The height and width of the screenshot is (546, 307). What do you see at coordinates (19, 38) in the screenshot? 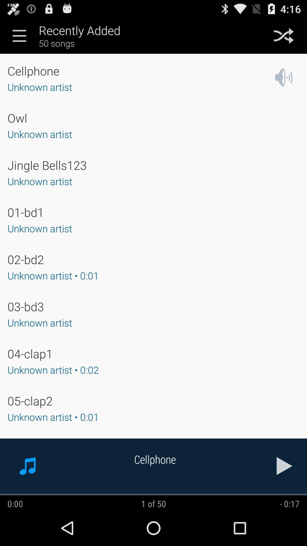
I see `the menu icon` at bounding box center [19, 38].